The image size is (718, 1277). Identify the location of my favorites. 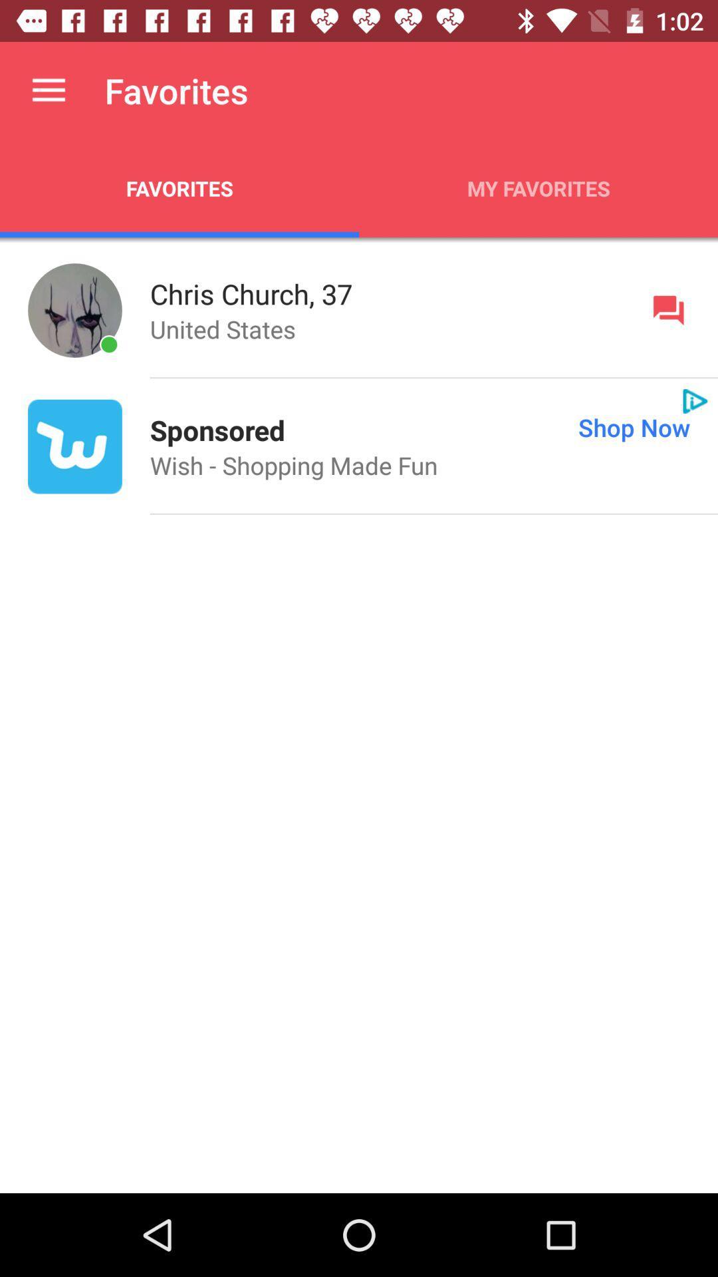
(538, 188).